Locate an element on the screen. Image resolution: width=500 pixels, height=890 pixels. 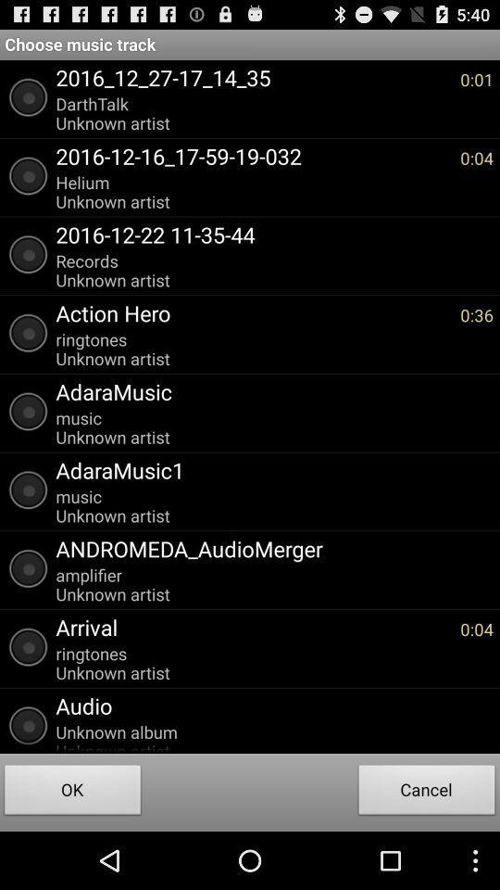
the item below the records is located at coordinates (252, 312).